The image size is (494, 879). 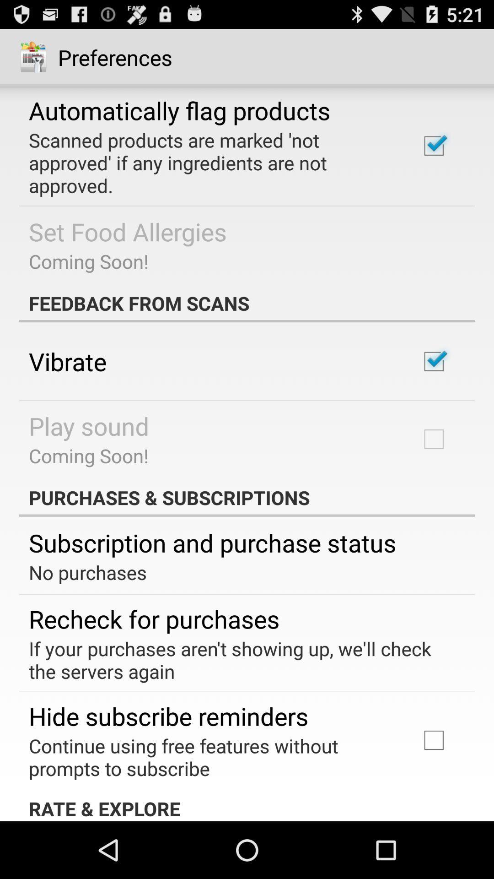 What do you see at coordinates (128, 231) in the screenshot?
I see `the icon above the coming soon! icon` at bounding box center [128, 231].